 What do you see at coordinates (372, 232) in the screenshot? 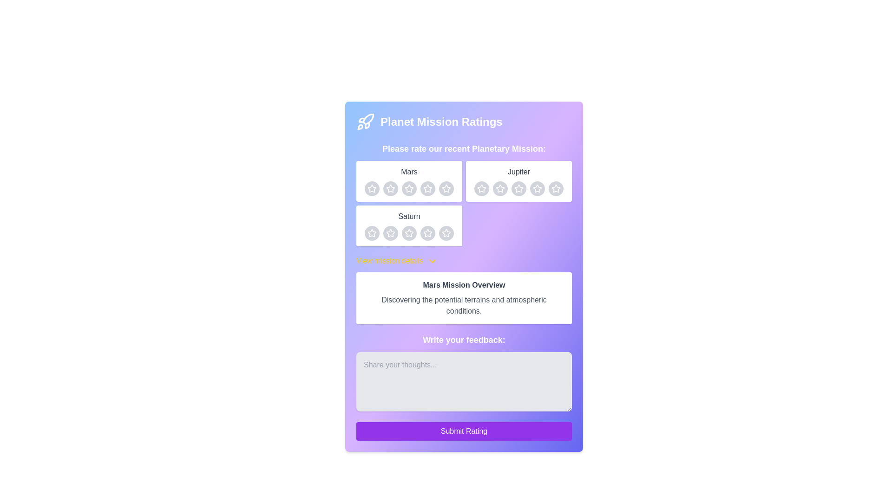
I see `the first rounded button with a gray background and a white star icon located under the text 'Saturn' to rate it` at bounding box center [372, 232].